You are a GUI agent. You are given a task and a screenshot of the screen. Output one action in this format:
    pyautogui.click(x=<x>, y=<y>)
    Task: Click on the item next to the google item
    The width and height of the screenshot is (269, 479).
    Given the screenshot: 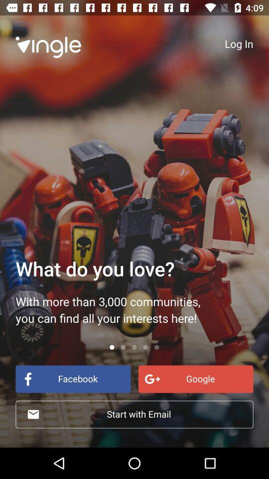 What is the action you would take?
    pyautogui.click(x=72, y=378)
    